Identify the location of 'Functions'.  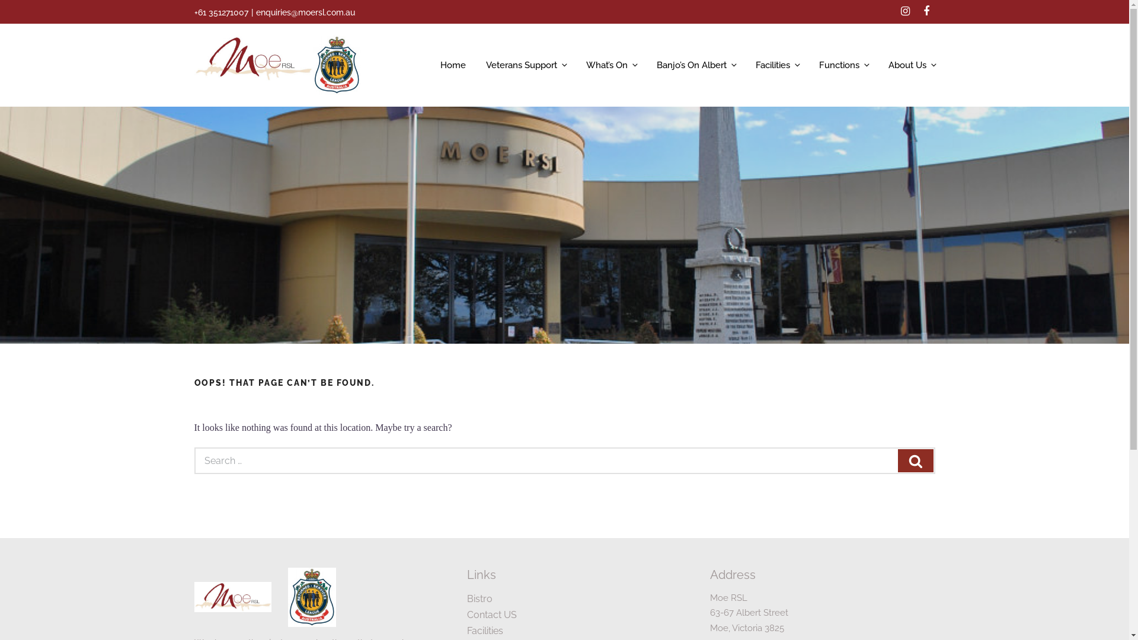
(842, 65).